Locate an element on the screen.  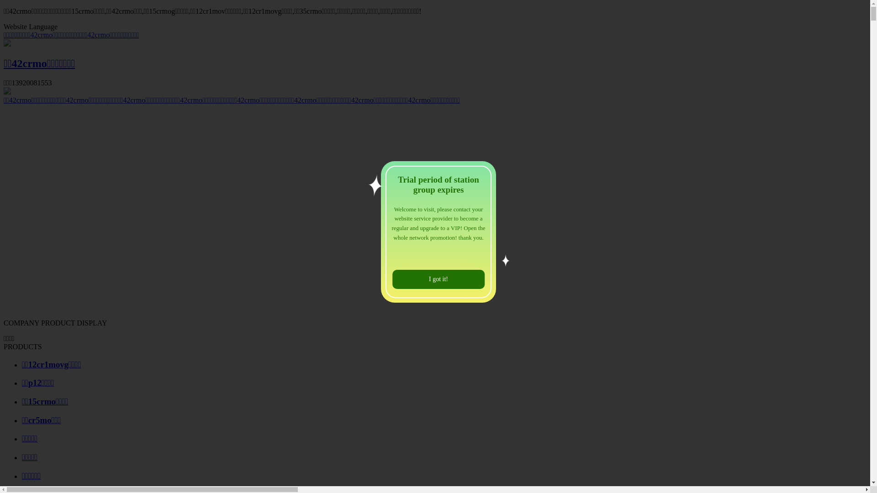
'I got it!' is located at coordinates (438, 279).